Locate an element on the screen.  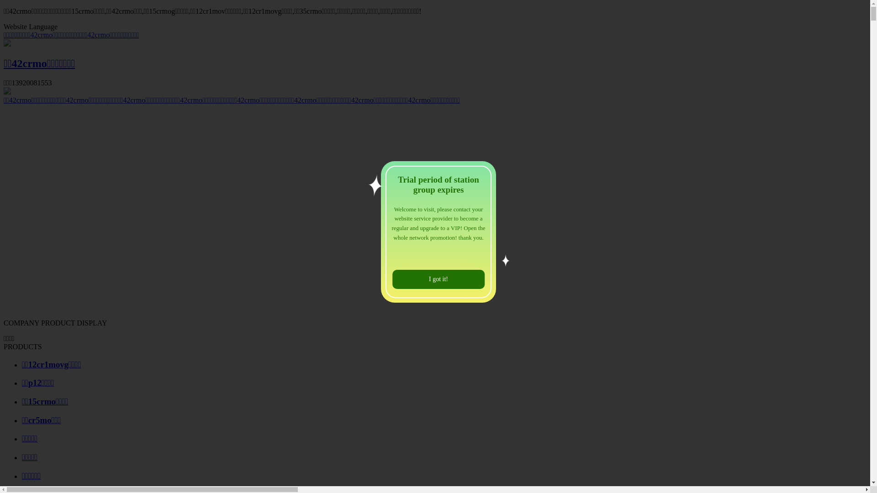
'I got it!' is located at coordinates (438, 279).